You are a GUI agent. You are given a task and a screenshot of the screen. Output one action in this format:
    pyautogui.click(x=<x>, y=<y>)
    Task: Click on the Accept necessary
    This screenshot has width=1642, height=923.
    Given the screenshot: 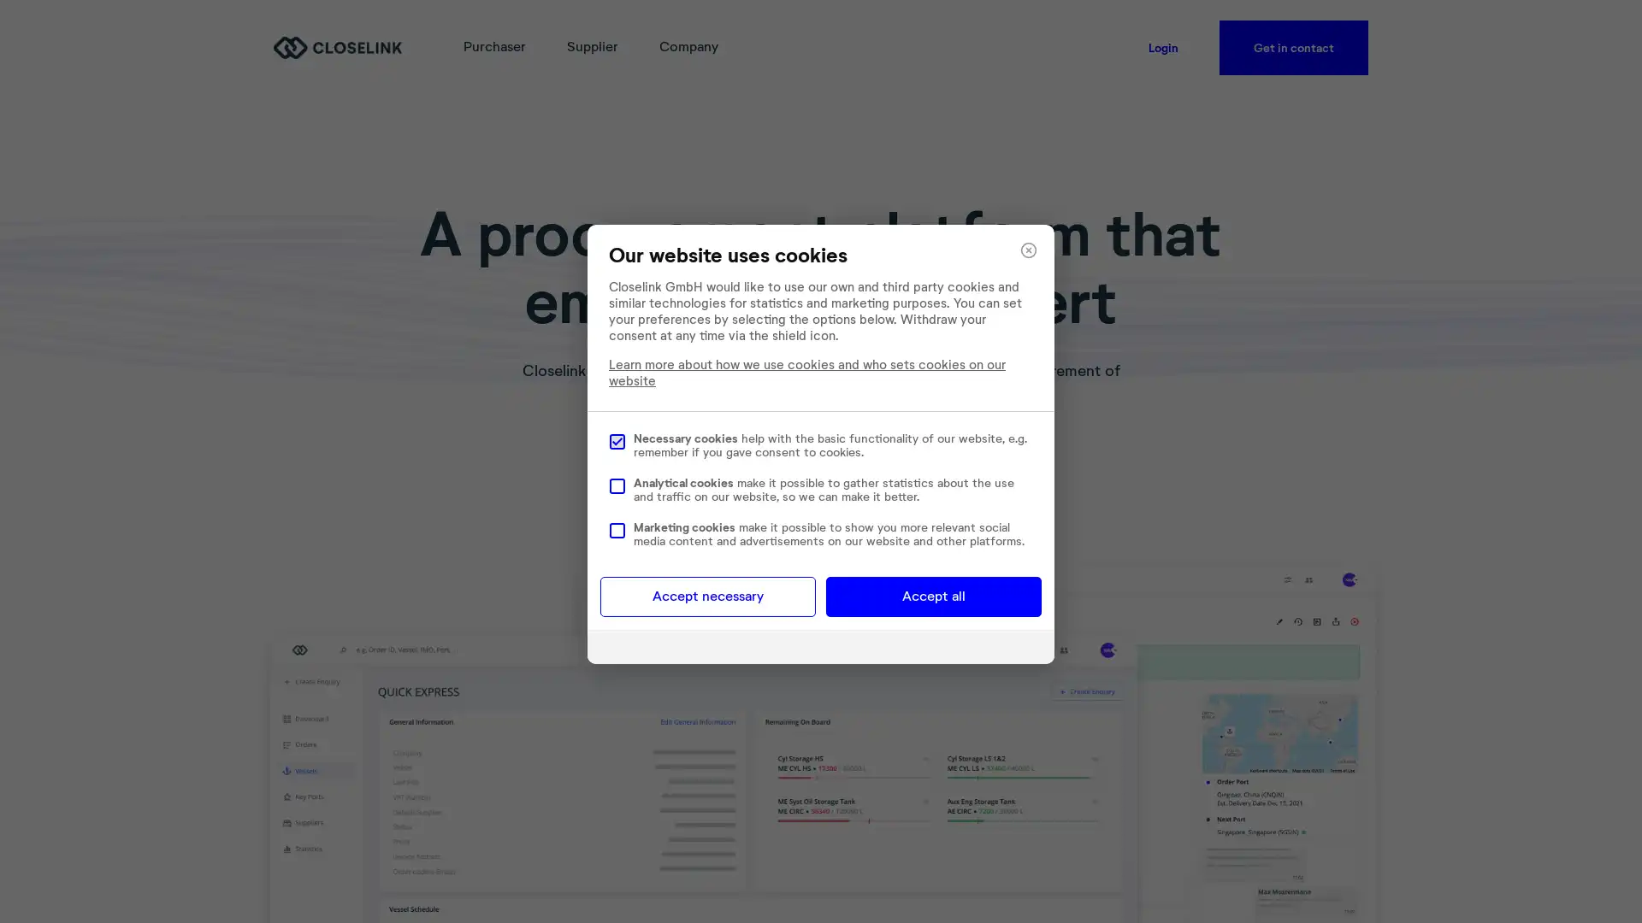 What is the action you would take?
    pyautogui.click(x=708, y=596)
    